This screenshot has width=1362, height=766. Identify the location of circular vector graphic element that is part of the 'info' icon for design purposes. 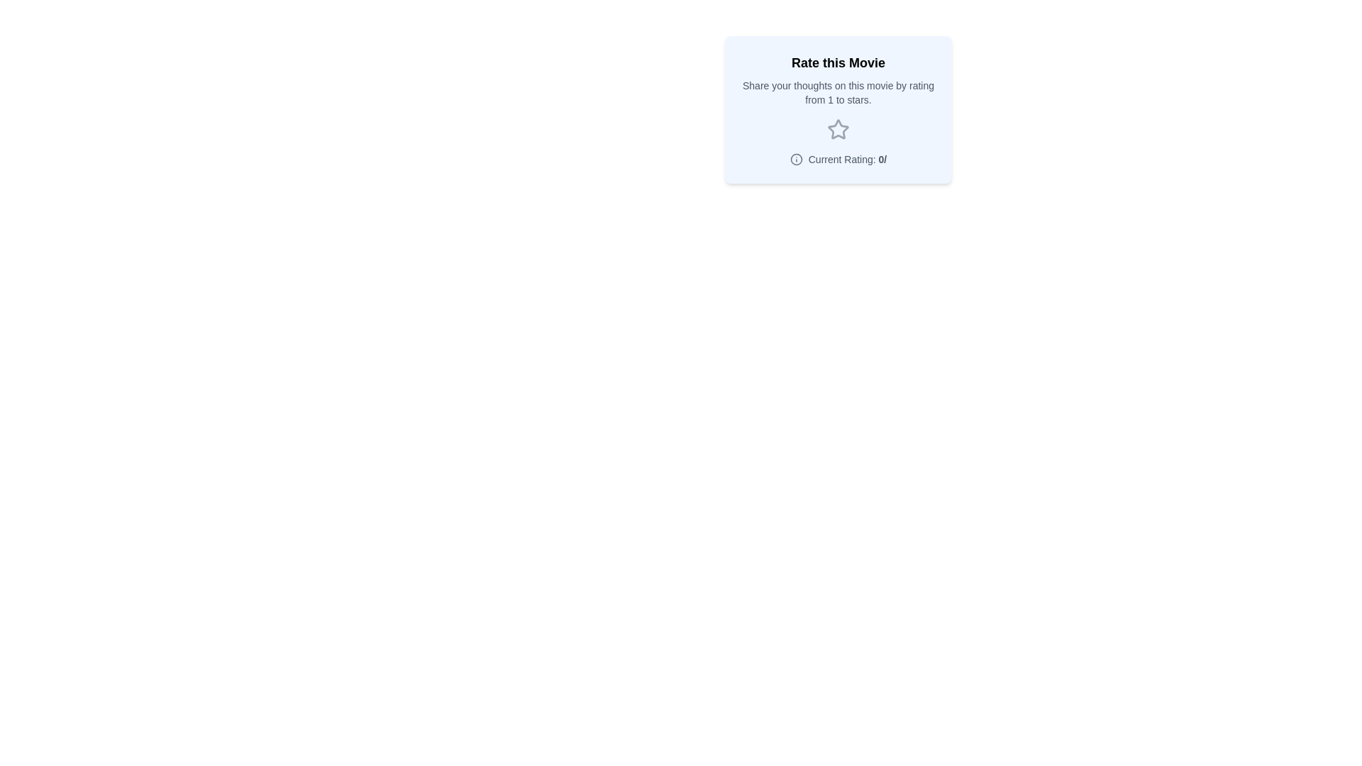
(796, 159).